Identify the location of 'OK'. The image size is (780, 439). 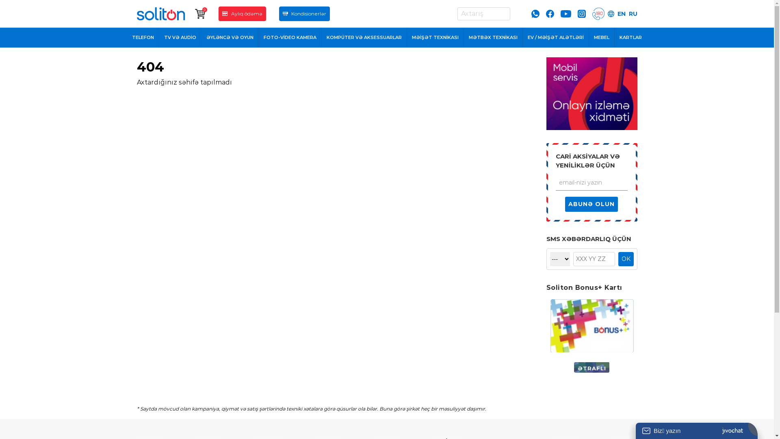
(625, 259).